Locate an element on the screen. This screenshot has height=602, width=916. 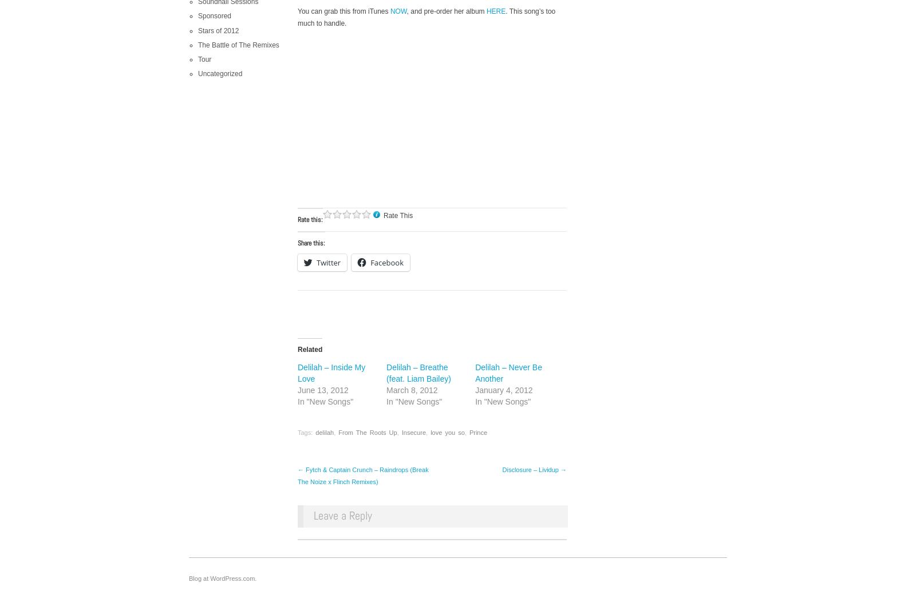
'Rate this:' is located at coordinates (309, 219).